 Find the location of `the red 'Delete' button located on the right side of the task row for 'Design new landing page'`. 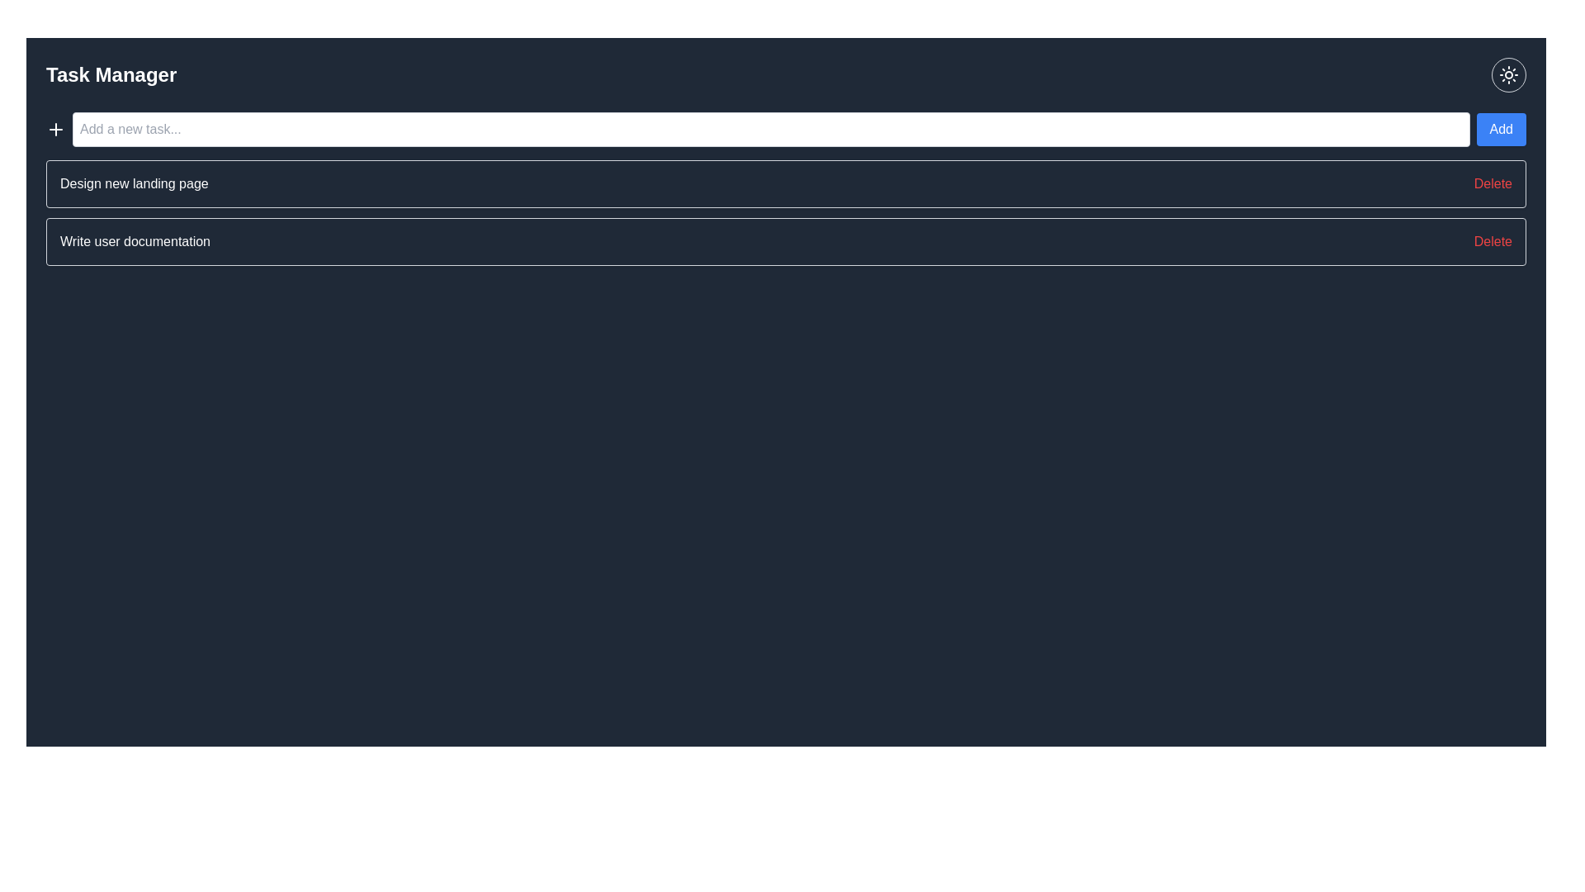

the red 'Delete' button located on the right side of the task row for 'Design new landing page' is located at coordinates (1493, 184).